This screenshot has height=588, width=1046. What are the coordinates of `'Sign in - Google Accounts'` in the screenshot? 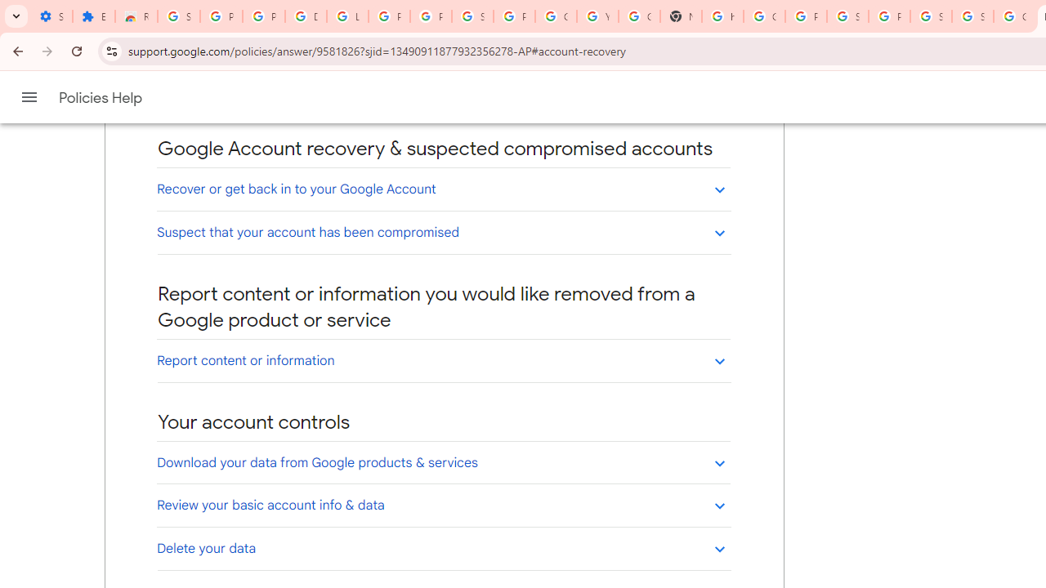 It's located at (931, 16).